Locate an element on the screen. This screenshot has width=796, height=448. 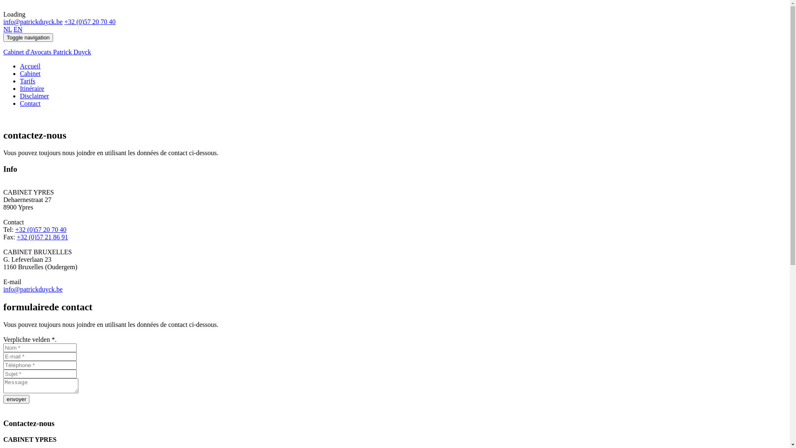
'Accueil' is located at coordinates (30, 66).